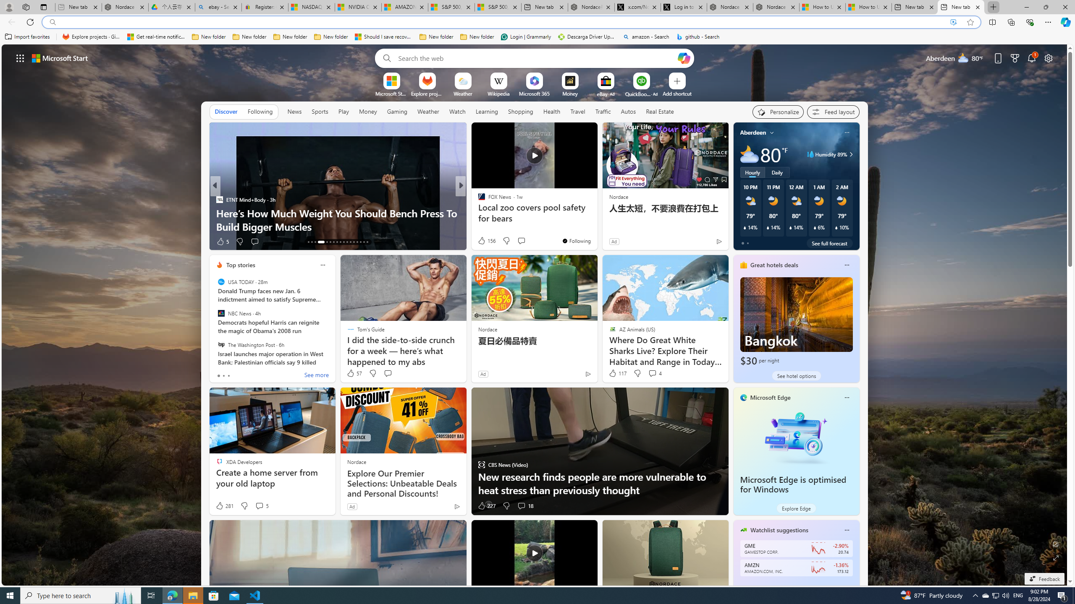 The height and width of the screenshot is (604, 1075). Describe the element at coordinates (477, 199) in the screenshot. I see `'CNBC'` at that location.